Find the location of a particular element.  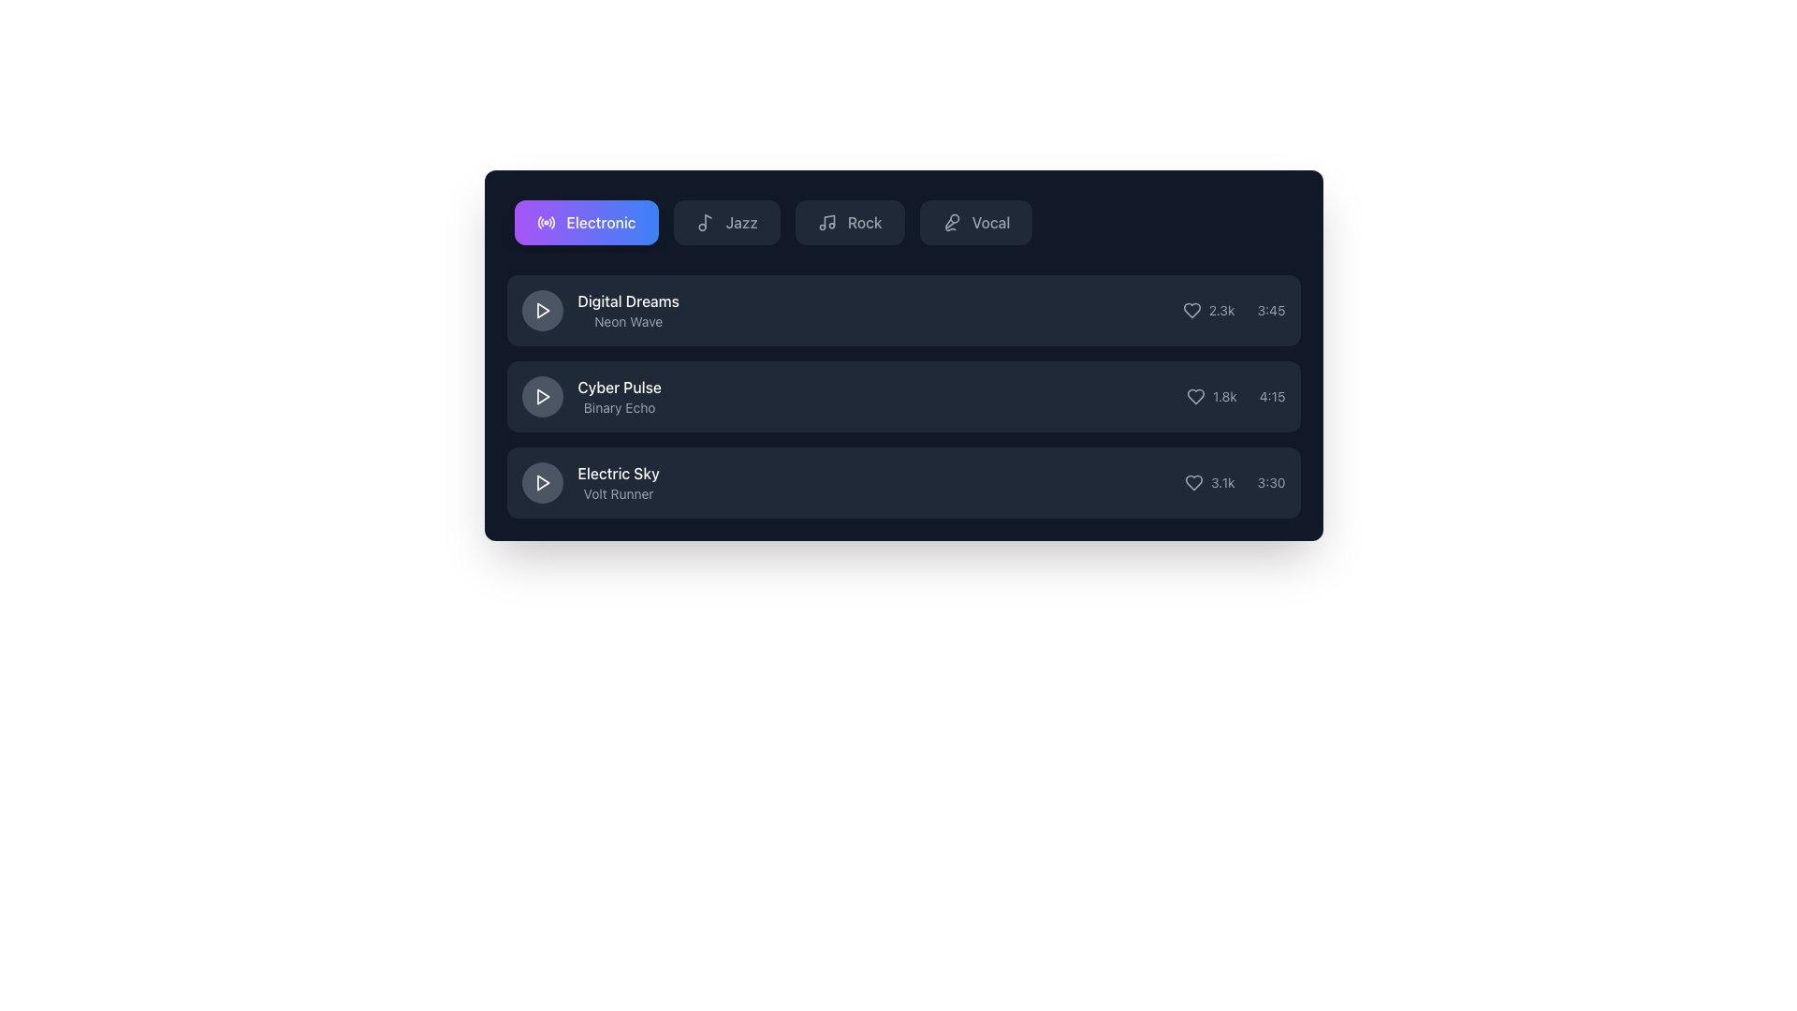

the title label of the second item in the vertical list, which provides key identification and context for the item it represents is located at coordinates (620, 386).